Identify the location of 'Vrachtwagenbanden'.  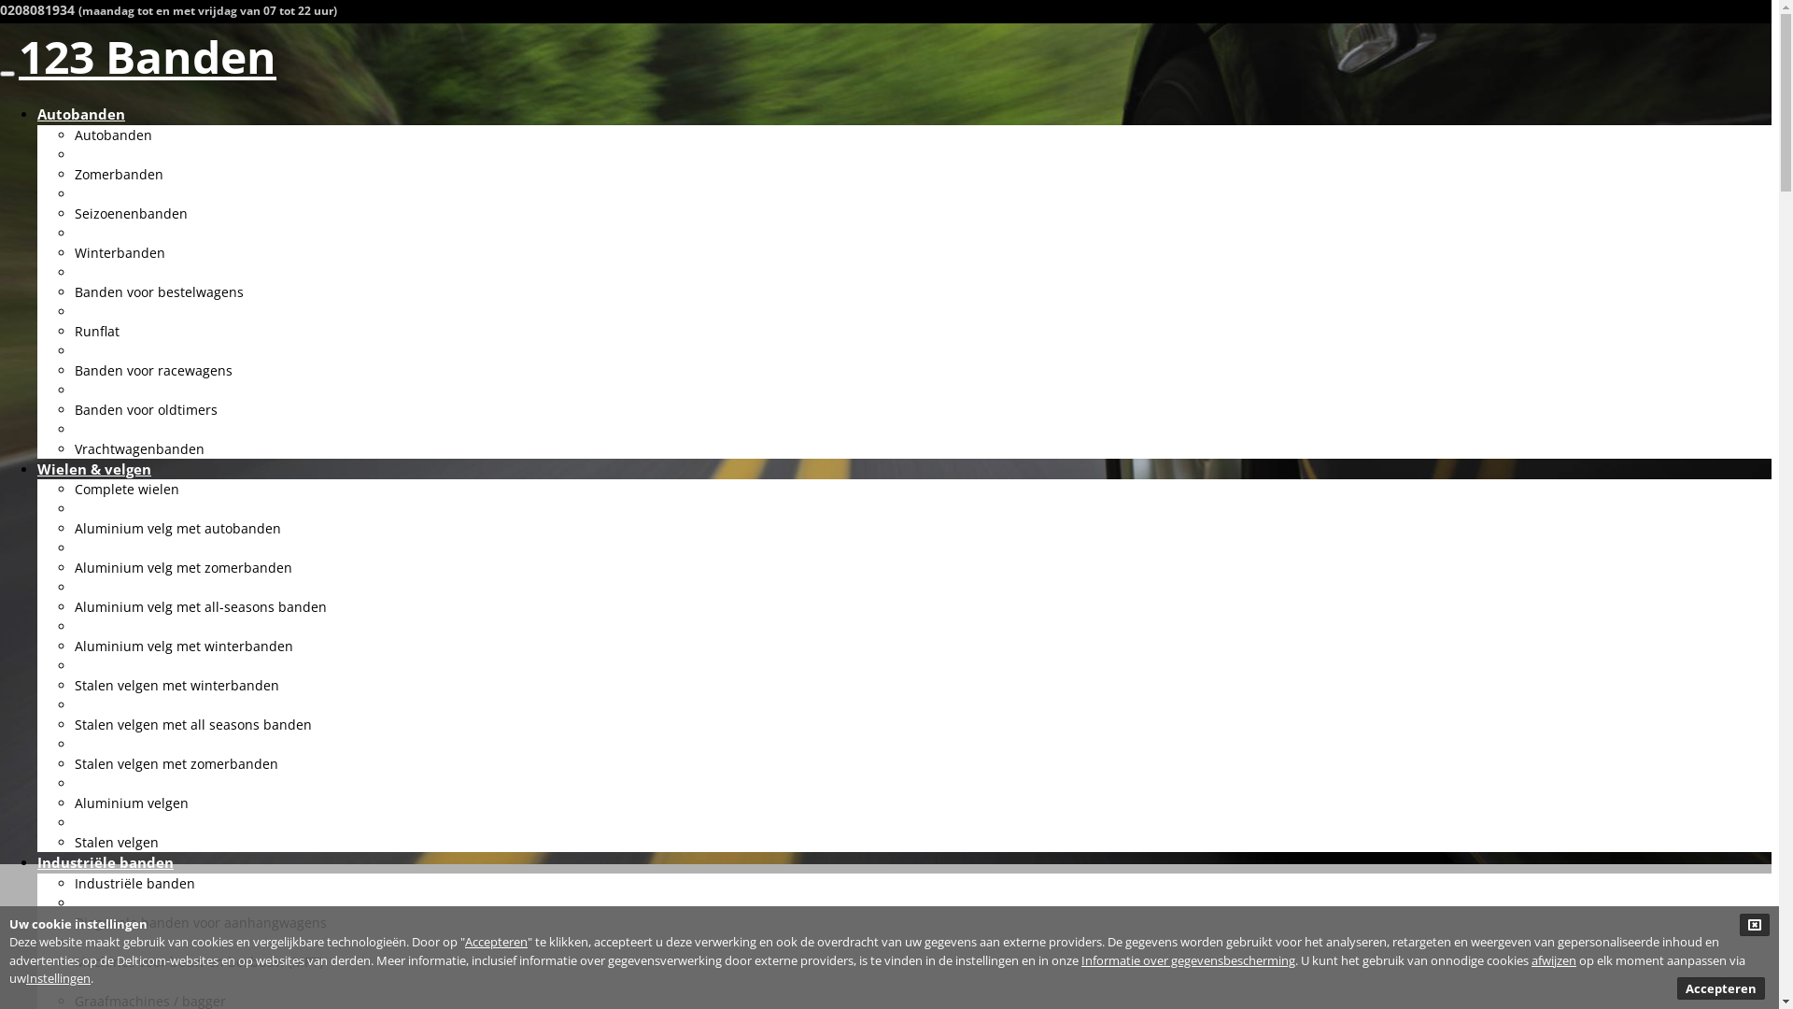
(138, 448).